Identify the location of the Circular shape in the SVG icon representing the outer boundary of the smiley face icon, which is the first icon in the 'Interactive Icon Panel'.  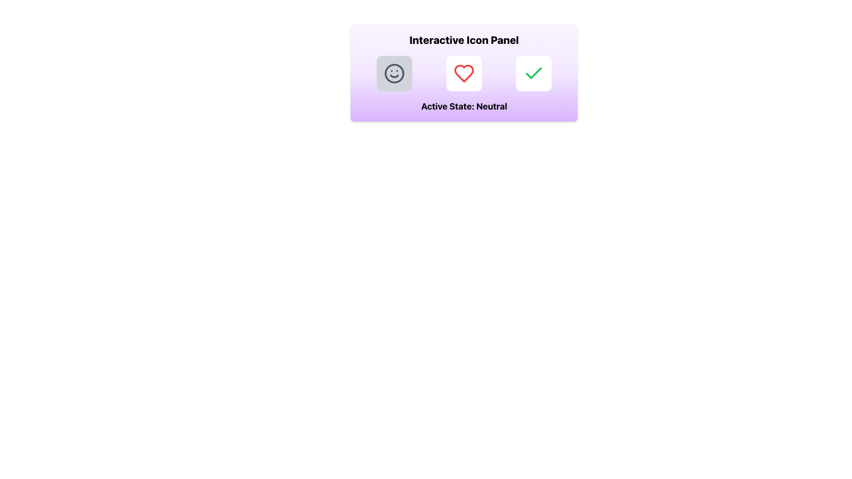
(394, 73).